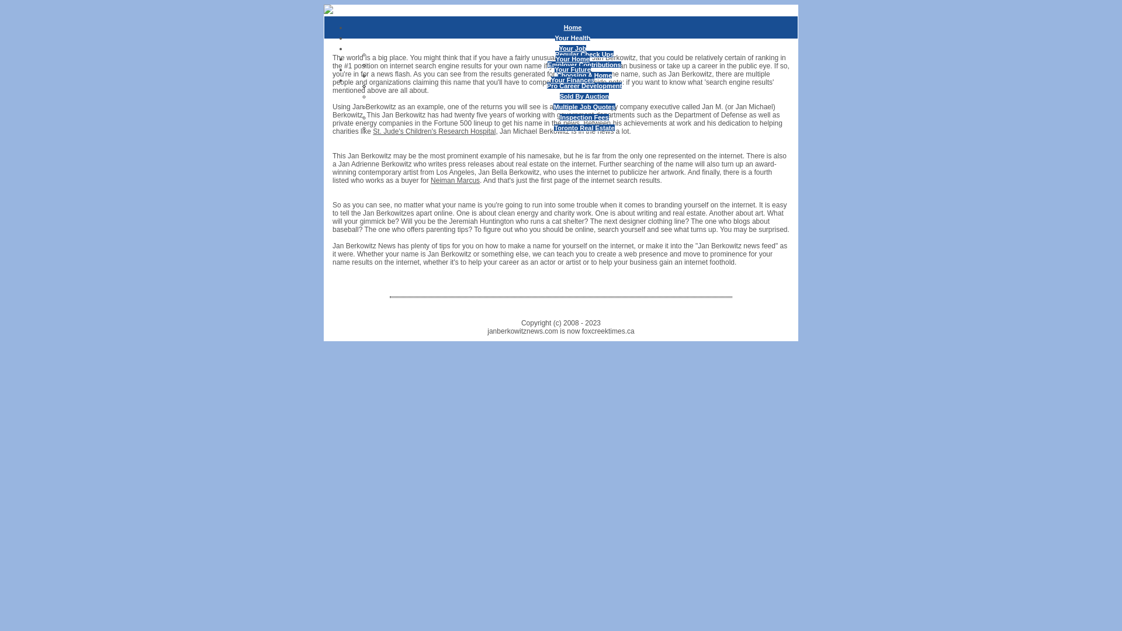 The width and height of the screenshot is (1122, 631). What do you see at coordinates (555, 54) in the screenshot?
I see `'Regular Check Ups'` at bounding box center [555, 54].